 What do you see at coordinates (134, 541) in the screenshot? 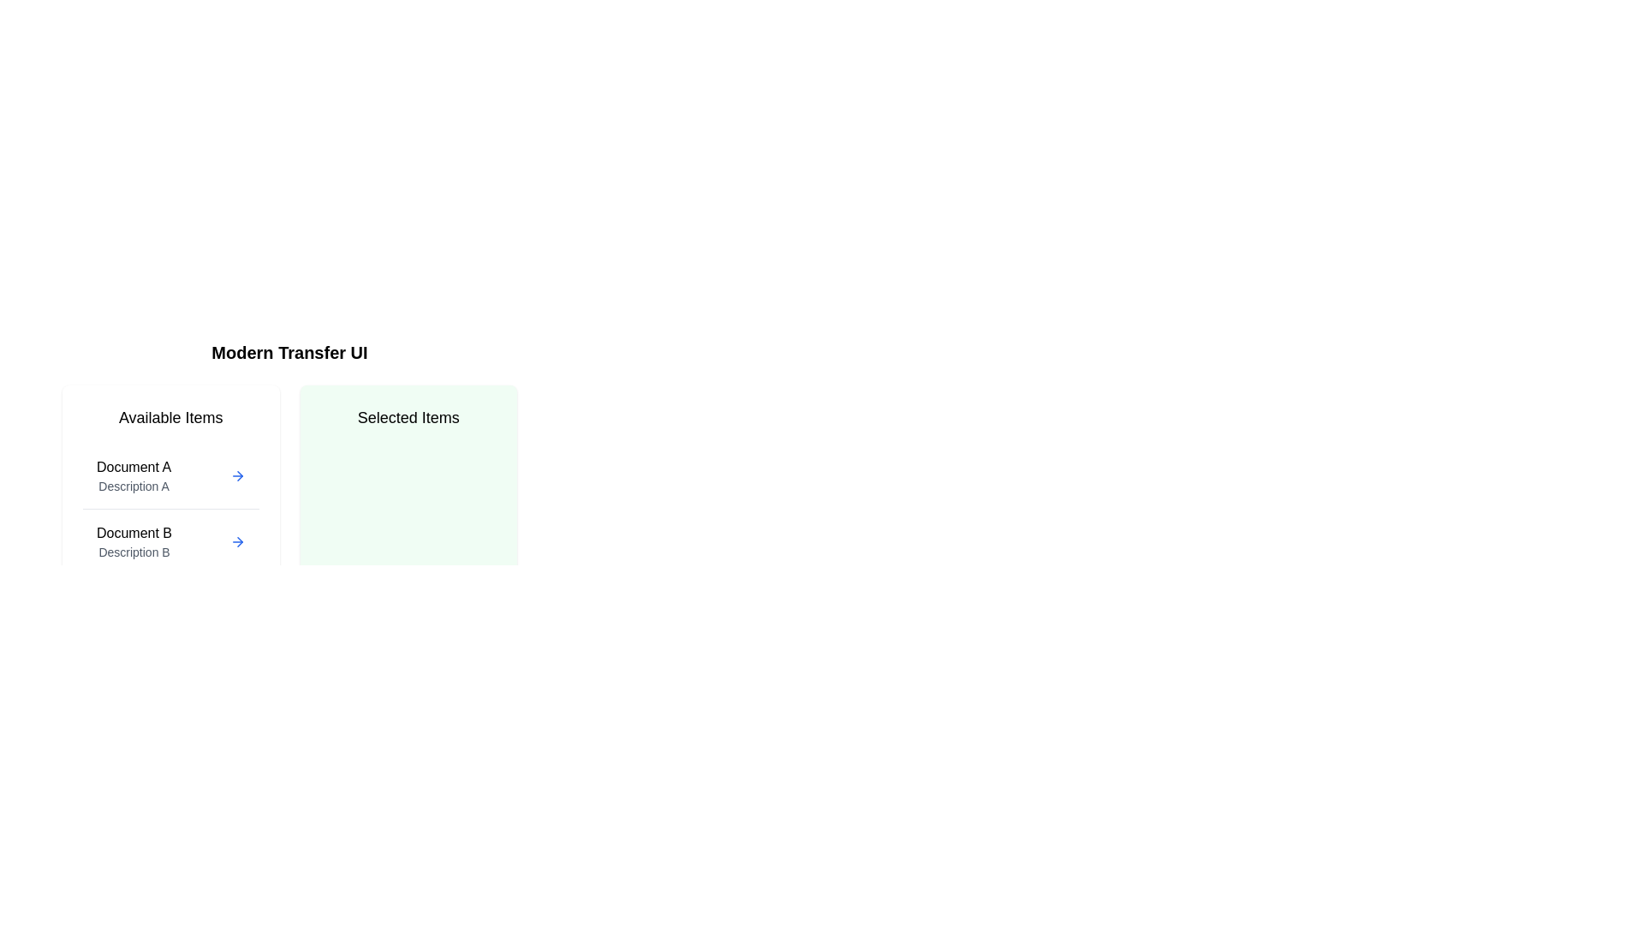
I see `the text label displaying 'Document B' and 'Description B' located in the 'Available Items' section as the second item in the list` at bounding box center [134, 541].